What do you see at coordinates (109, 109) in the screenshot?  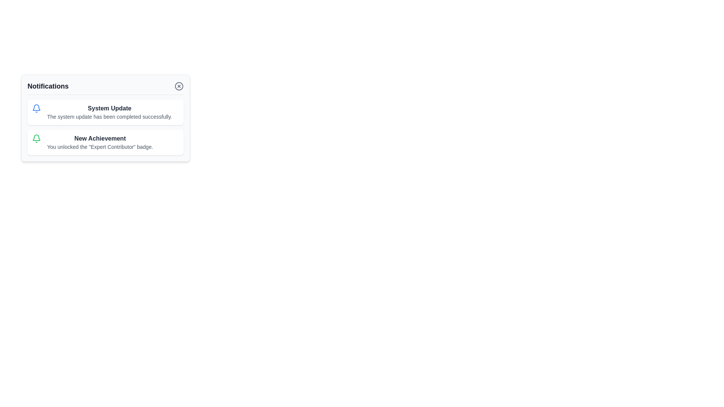 I see `text of the Text Label that serves as a title for a notification message, located near the top-left inside a notification card in the notifications panel` at bounding box center [109, 109].